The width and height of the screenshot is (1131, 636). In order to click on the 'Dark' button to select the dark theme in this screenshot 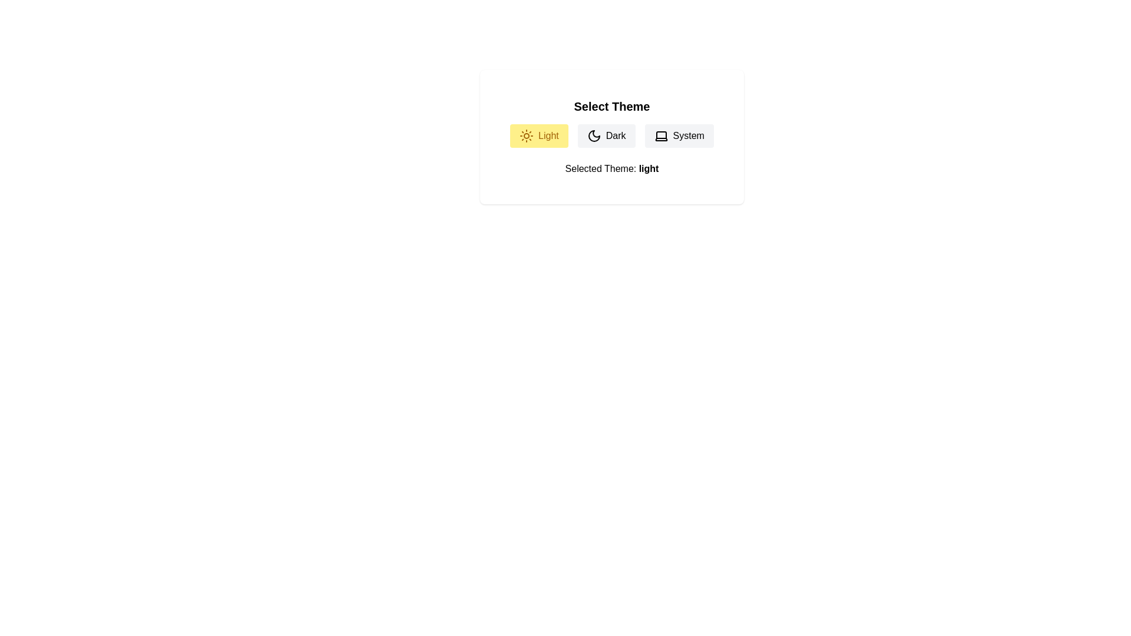, I will do `click(606, 135)`.